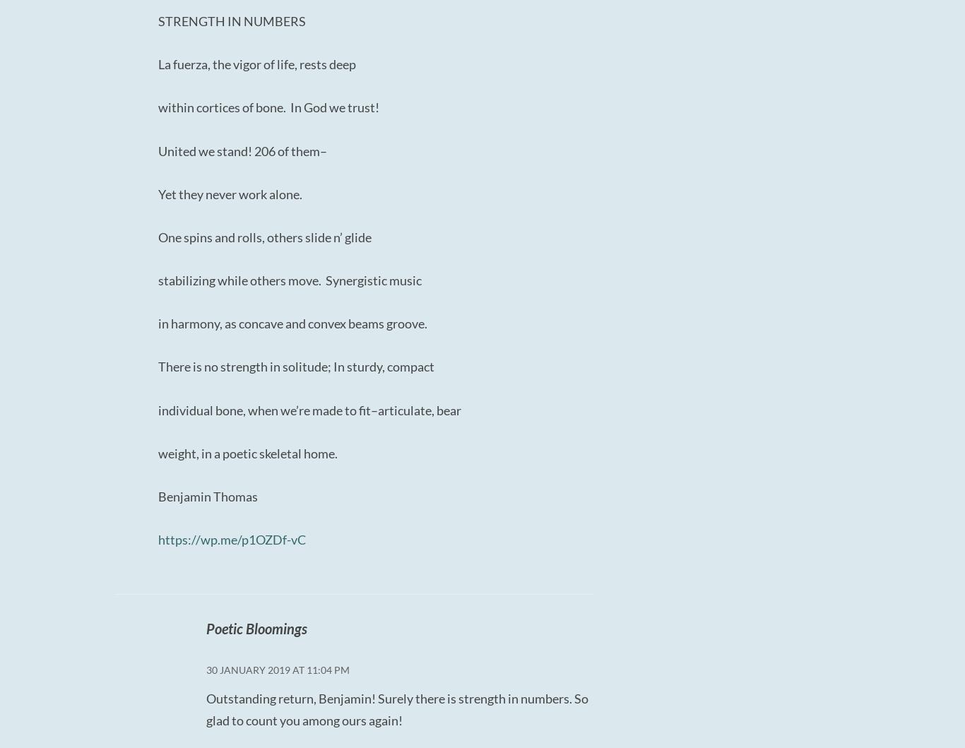 Image resolution: width=965 pixels, height=748 pixels. I want to click on 'STRENGTH IN NUMBERS', so click(232, 20).